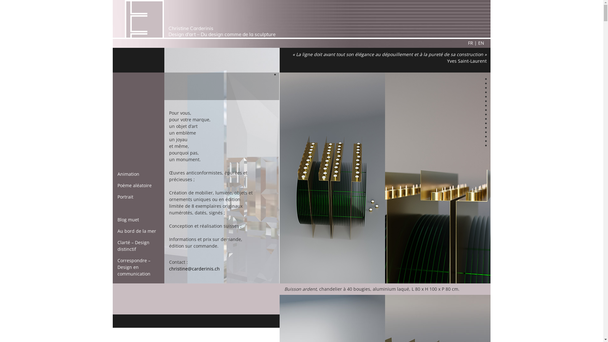 The height and width of the screenshot is (342, 608). Describe the element at coordinates (481, 43) in the screenshot. I see `'EN'` at that location.